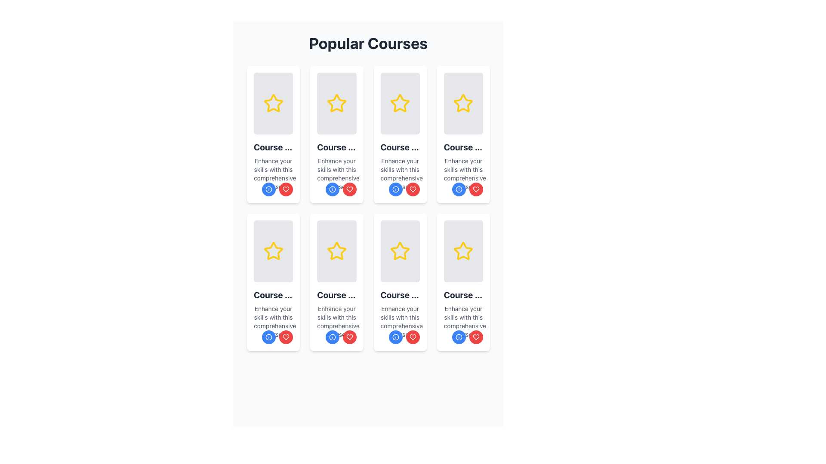 This screenshot has width=826, height=464. What do you see at coordinates (463, 103) in the screenshot?
I see `the yellow star icon outlined with a bold stroke, which is located in the center of the fourth card in the first row of the grid layout under the 'Popular Courses' section` at bounding box center [463, 103].